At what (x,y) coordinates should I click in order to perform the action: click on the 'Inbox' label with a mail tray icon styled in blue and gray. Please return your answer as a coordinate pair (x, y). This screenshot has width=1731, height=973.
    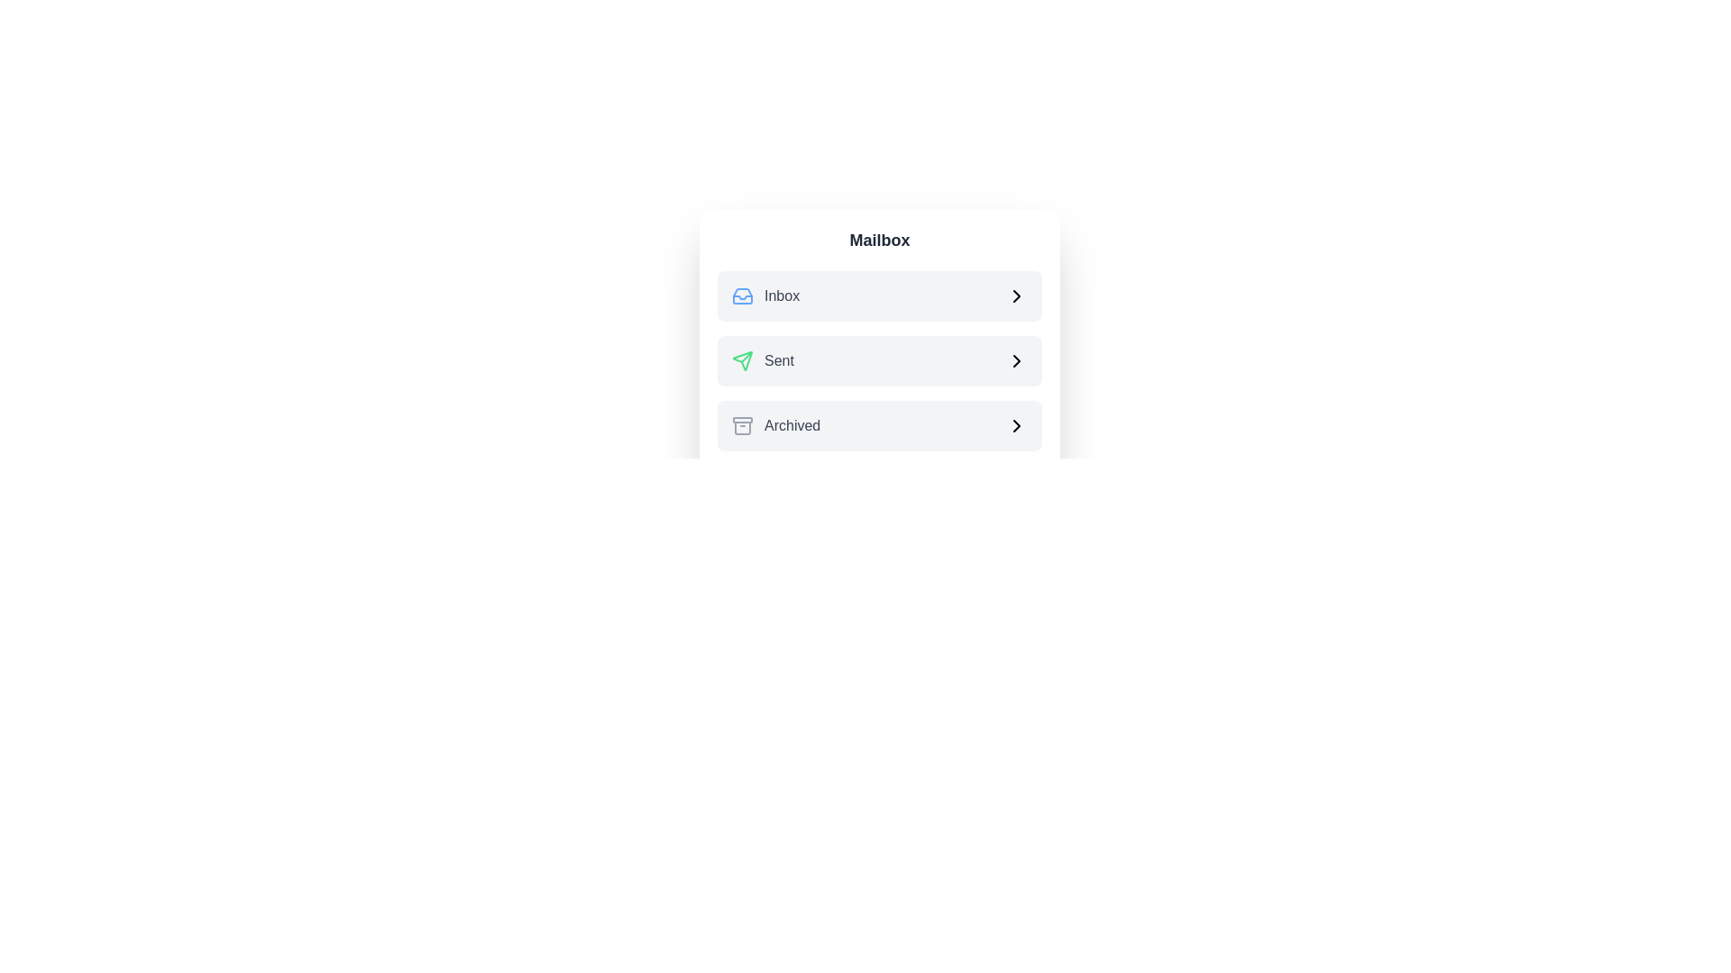
    Looking at the image, I should click on (765, 295).